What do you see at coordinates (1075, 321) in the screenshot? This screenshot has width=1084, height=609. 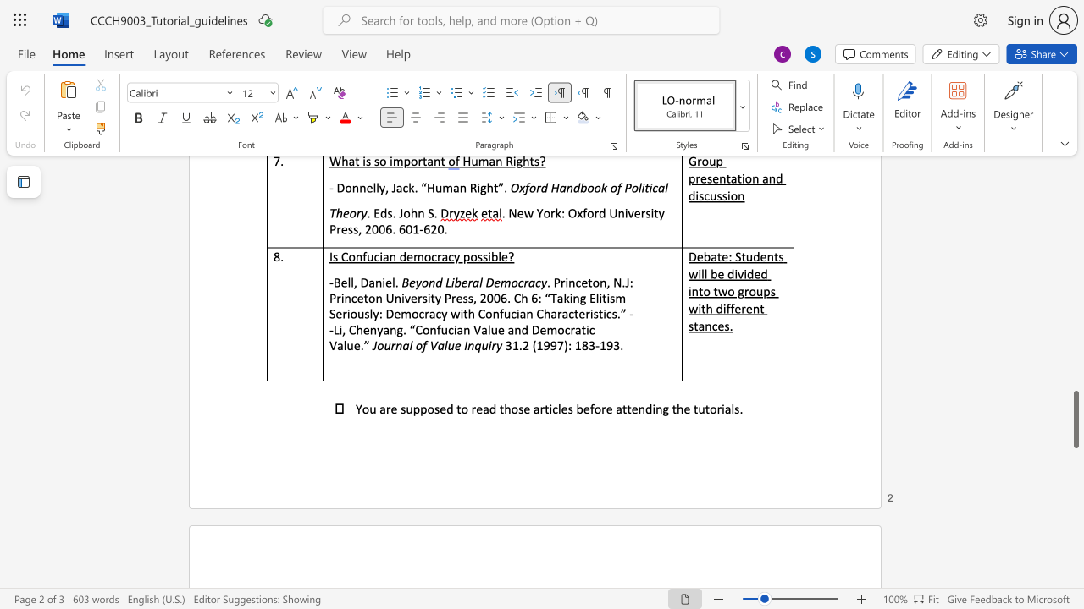 I see `the scrollbar to move the page upward` at bounding box center [1075, 321].